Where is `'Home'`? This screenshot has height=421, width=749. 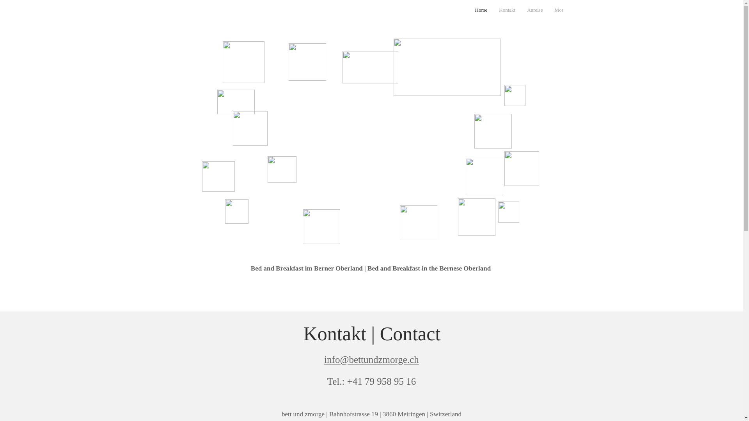
'Home' is located at coordinates (481, 12).